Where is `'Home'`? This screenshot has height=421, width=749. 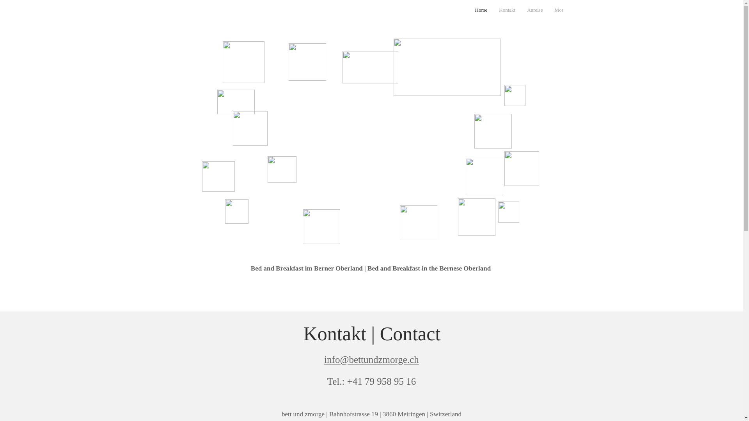
'Home' is located at coordinates (481, 12).